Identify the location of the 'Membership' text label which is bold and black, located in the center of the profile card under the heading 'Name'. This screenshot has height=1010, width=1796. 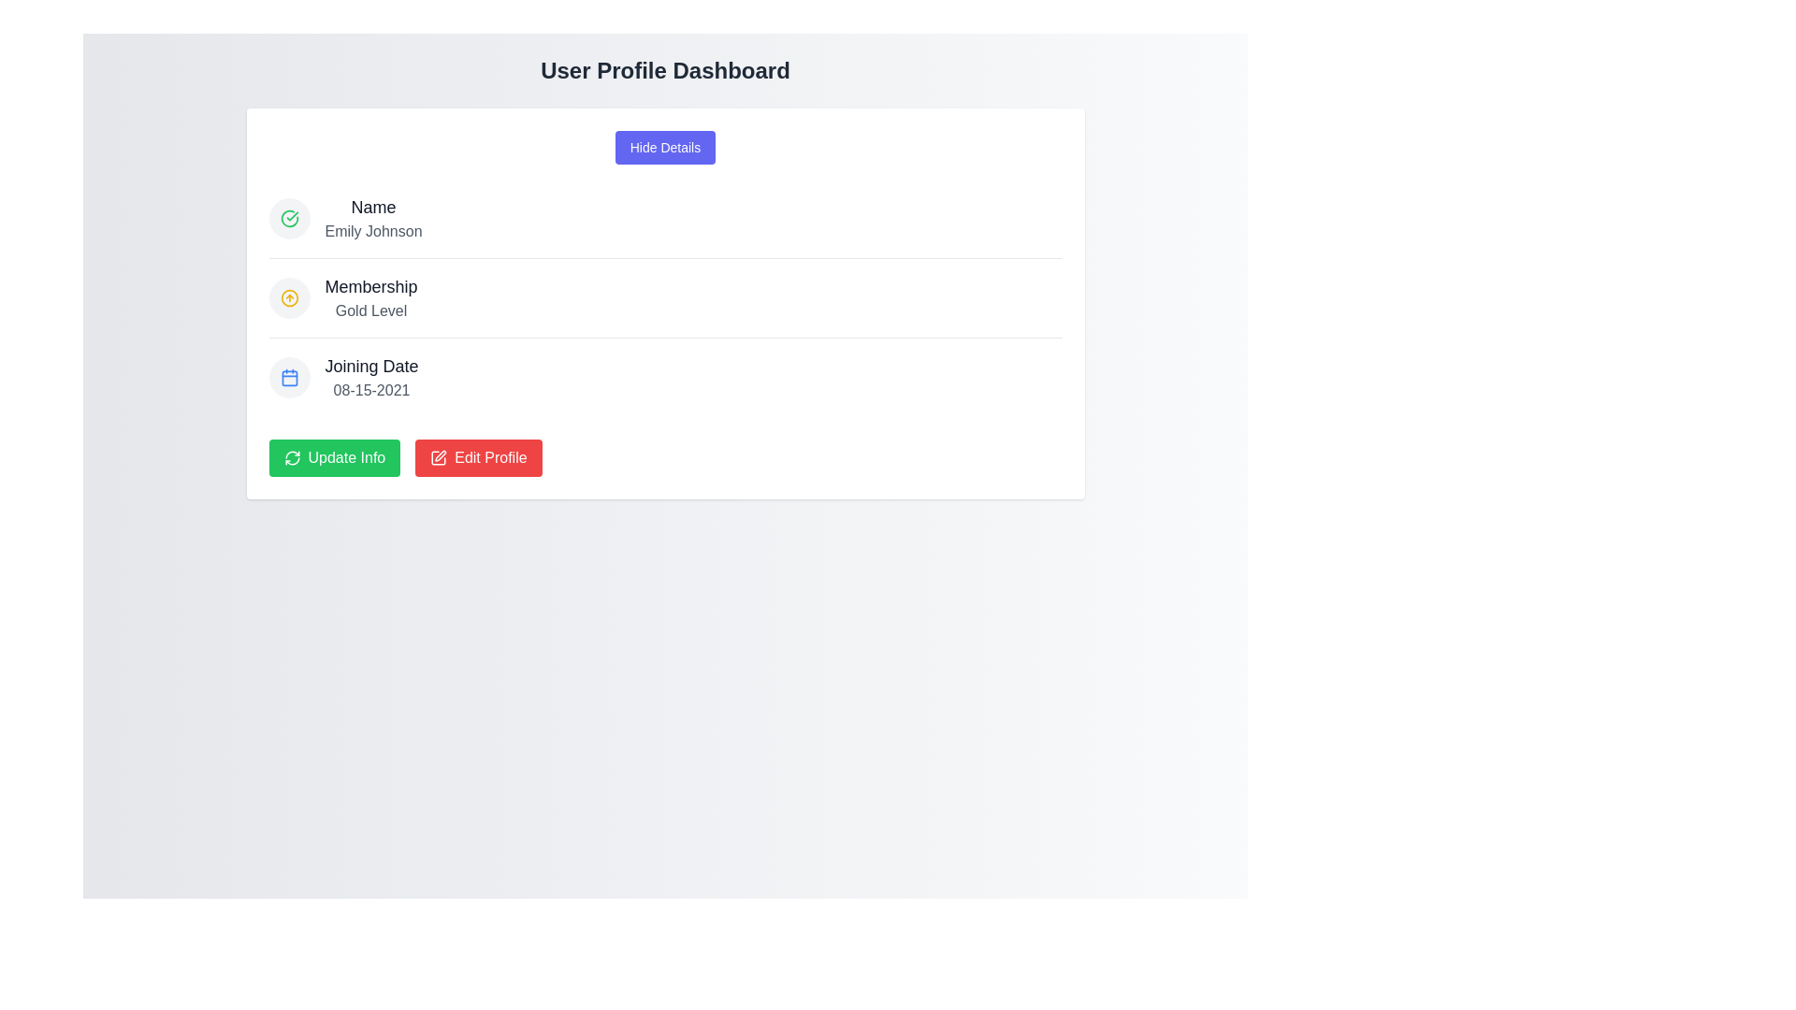
(371, 287).